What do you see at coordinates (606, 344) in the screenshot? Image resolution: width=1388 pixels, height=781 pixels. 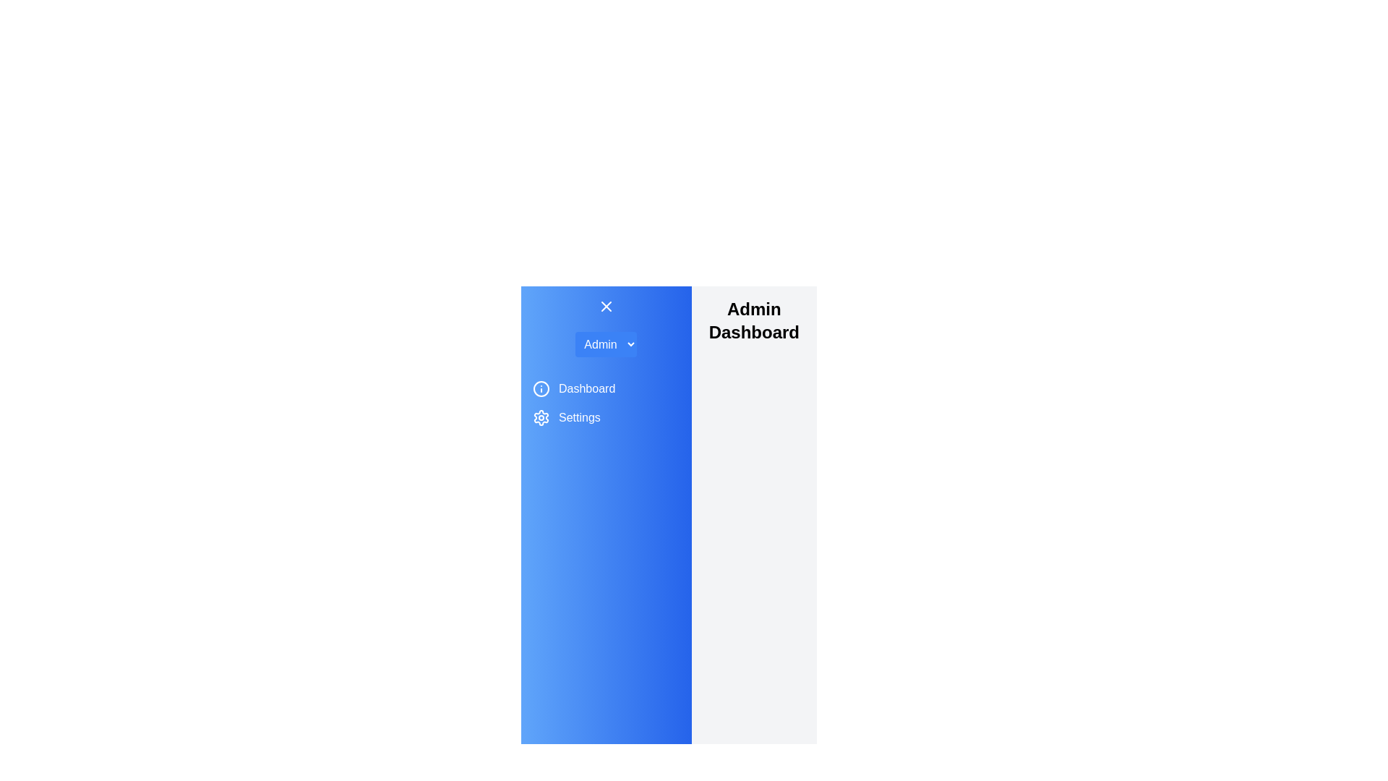 I see `the role Admin from the dropdown menu` at bounding box center [606, 344].